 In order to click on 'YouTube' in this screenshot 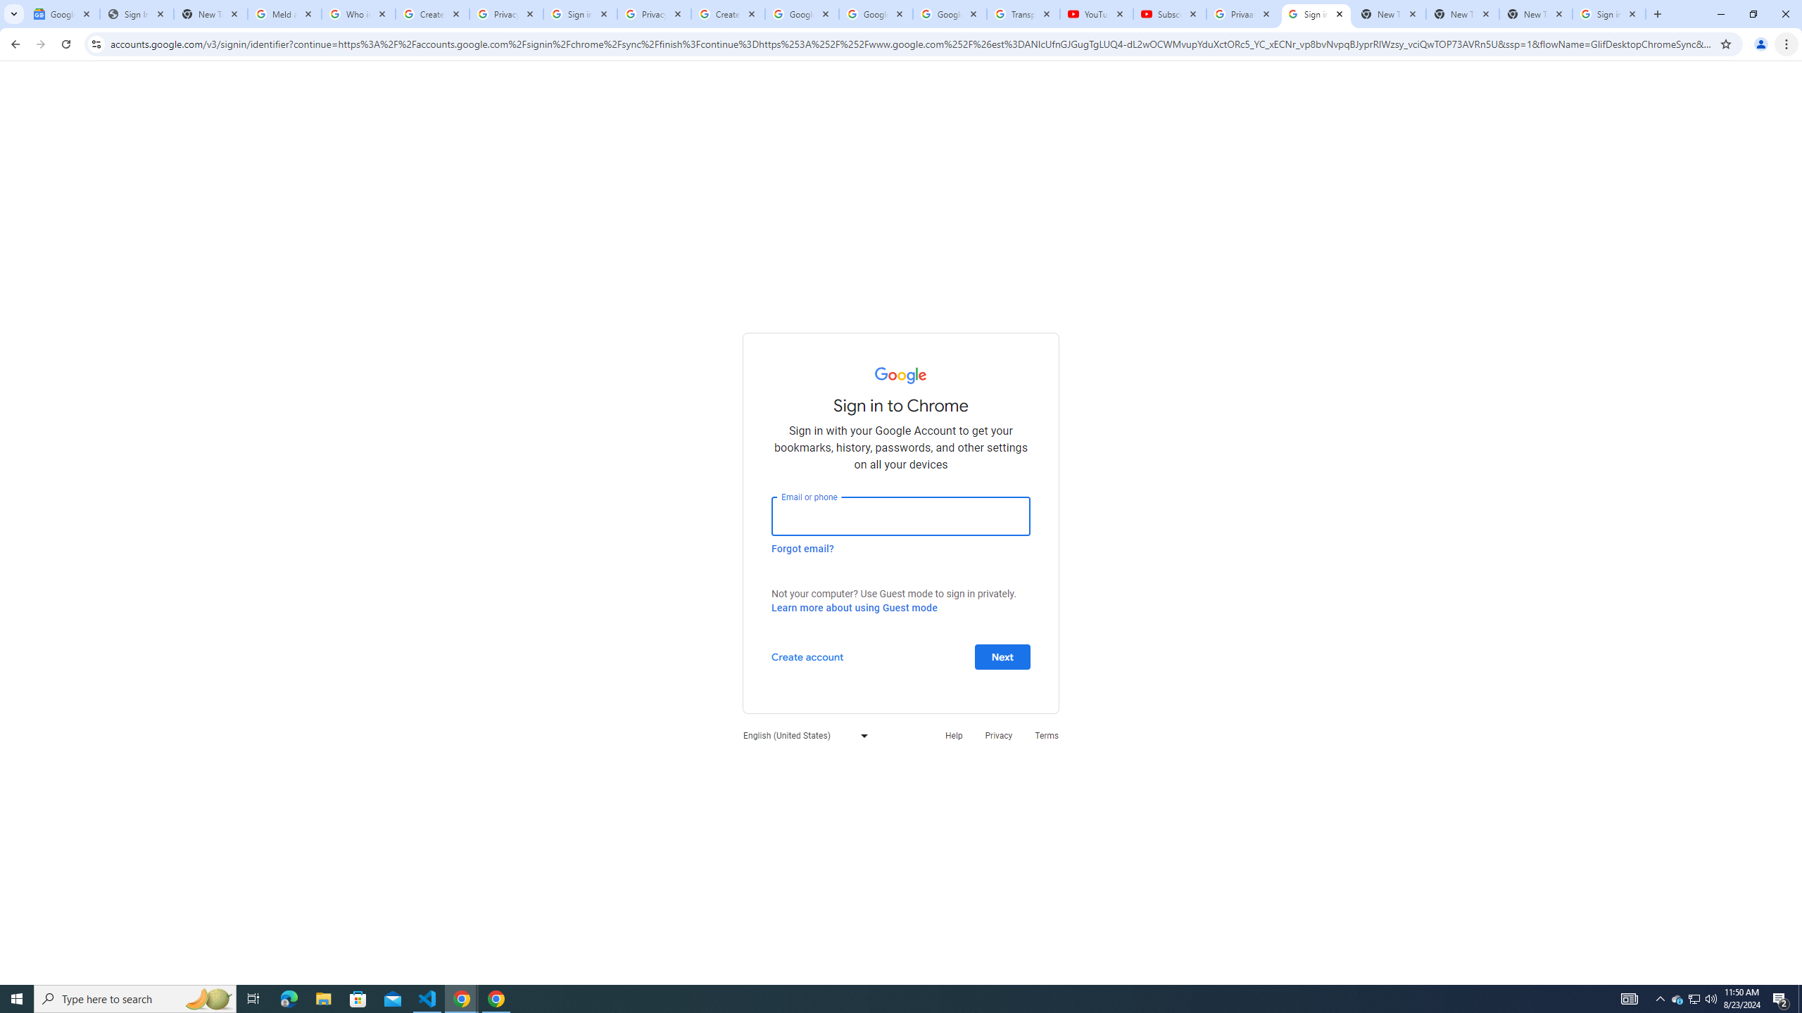, I will do `click(1096, 13)`.